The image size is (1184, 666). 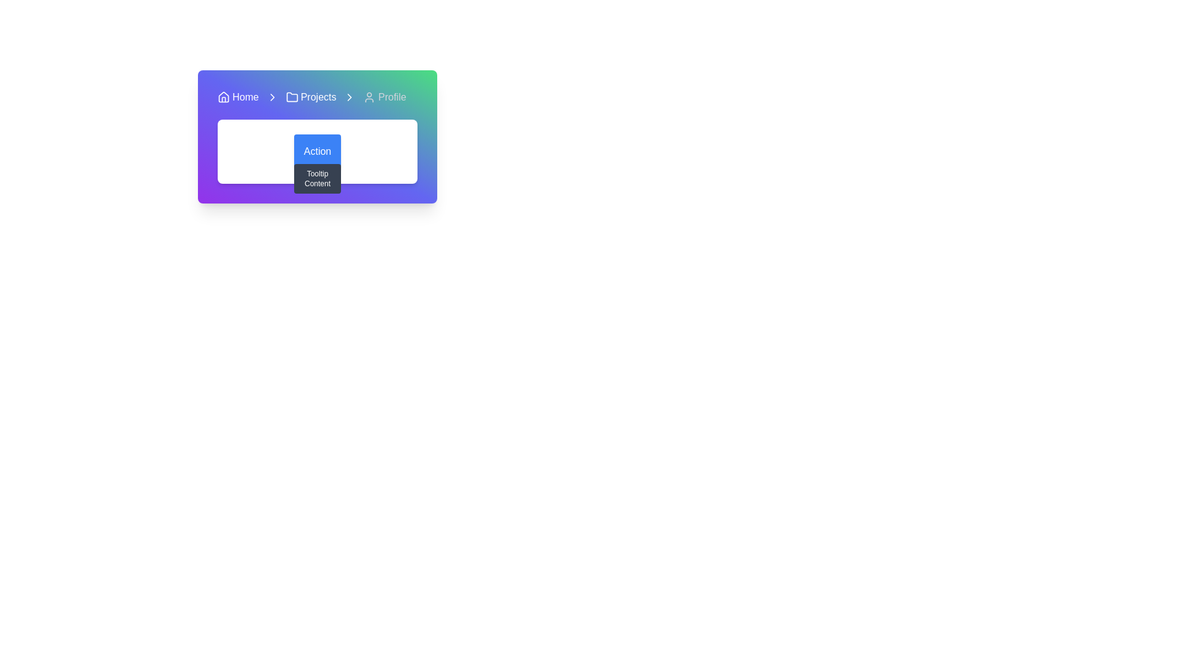 What do you see at coordinates (271, 97) in the screenshot?
I see `the minimalistic right-pointing chevron icon located in the navigation bar between 'Home' and 'Projects'` at bounding box center [271, 97].